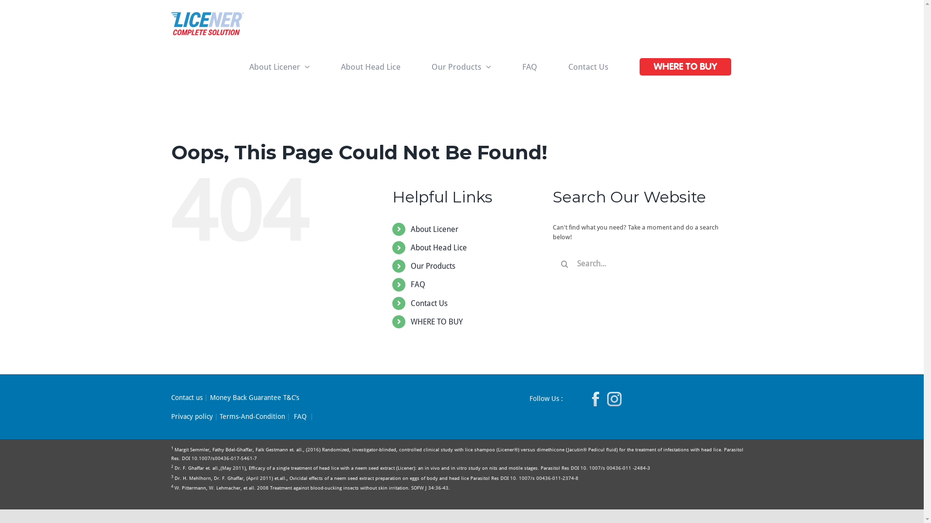 This screenshot has height=523, width=931. What do you see at coordinates (436, 322) in the screenshot?
I see `'WHERE TO BUY'` at bounding box center [436, 322].